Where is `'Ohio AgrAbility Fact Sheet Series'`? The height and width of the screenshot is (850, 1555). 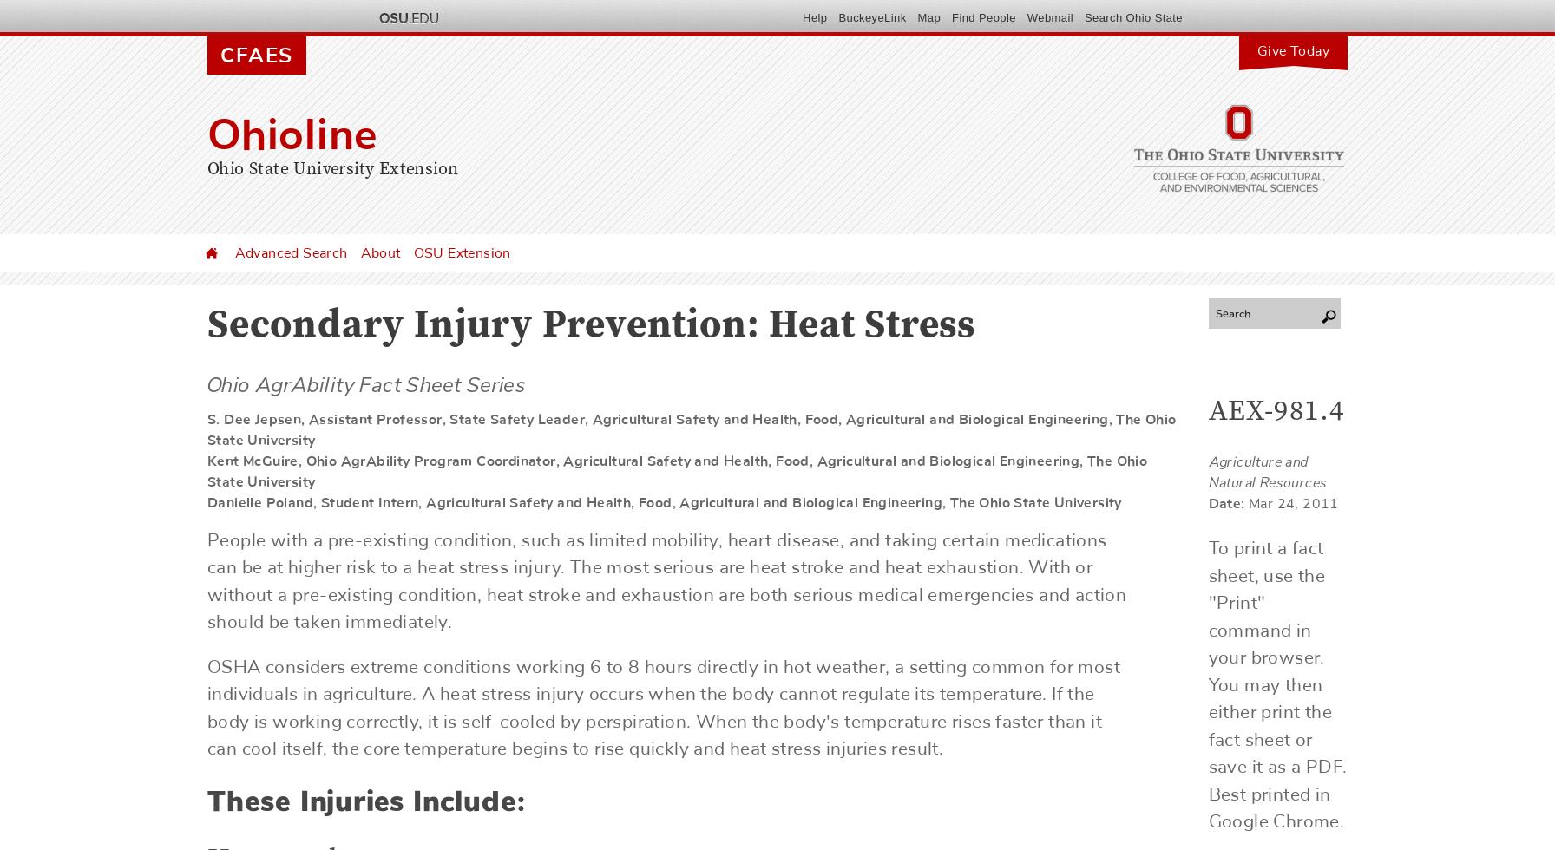
'Ohio AgrAbility Fact Sheet Series' is located at coordinates (366, 383).